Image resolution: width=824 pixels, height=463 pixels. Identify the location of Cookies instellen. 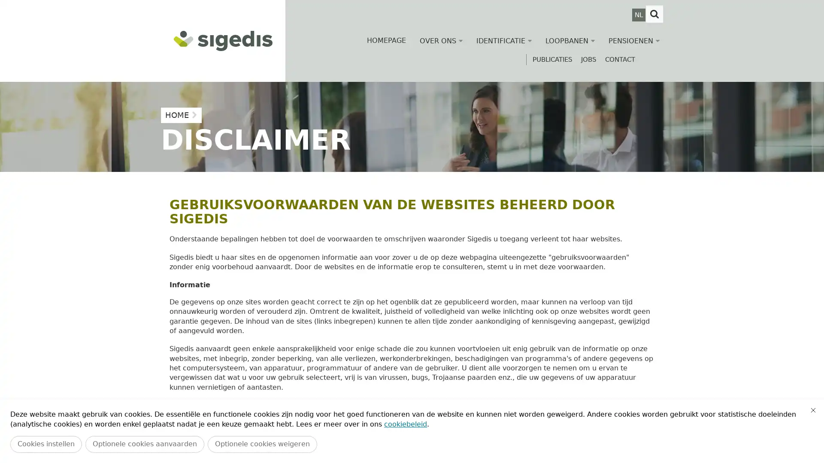
(45, 444).